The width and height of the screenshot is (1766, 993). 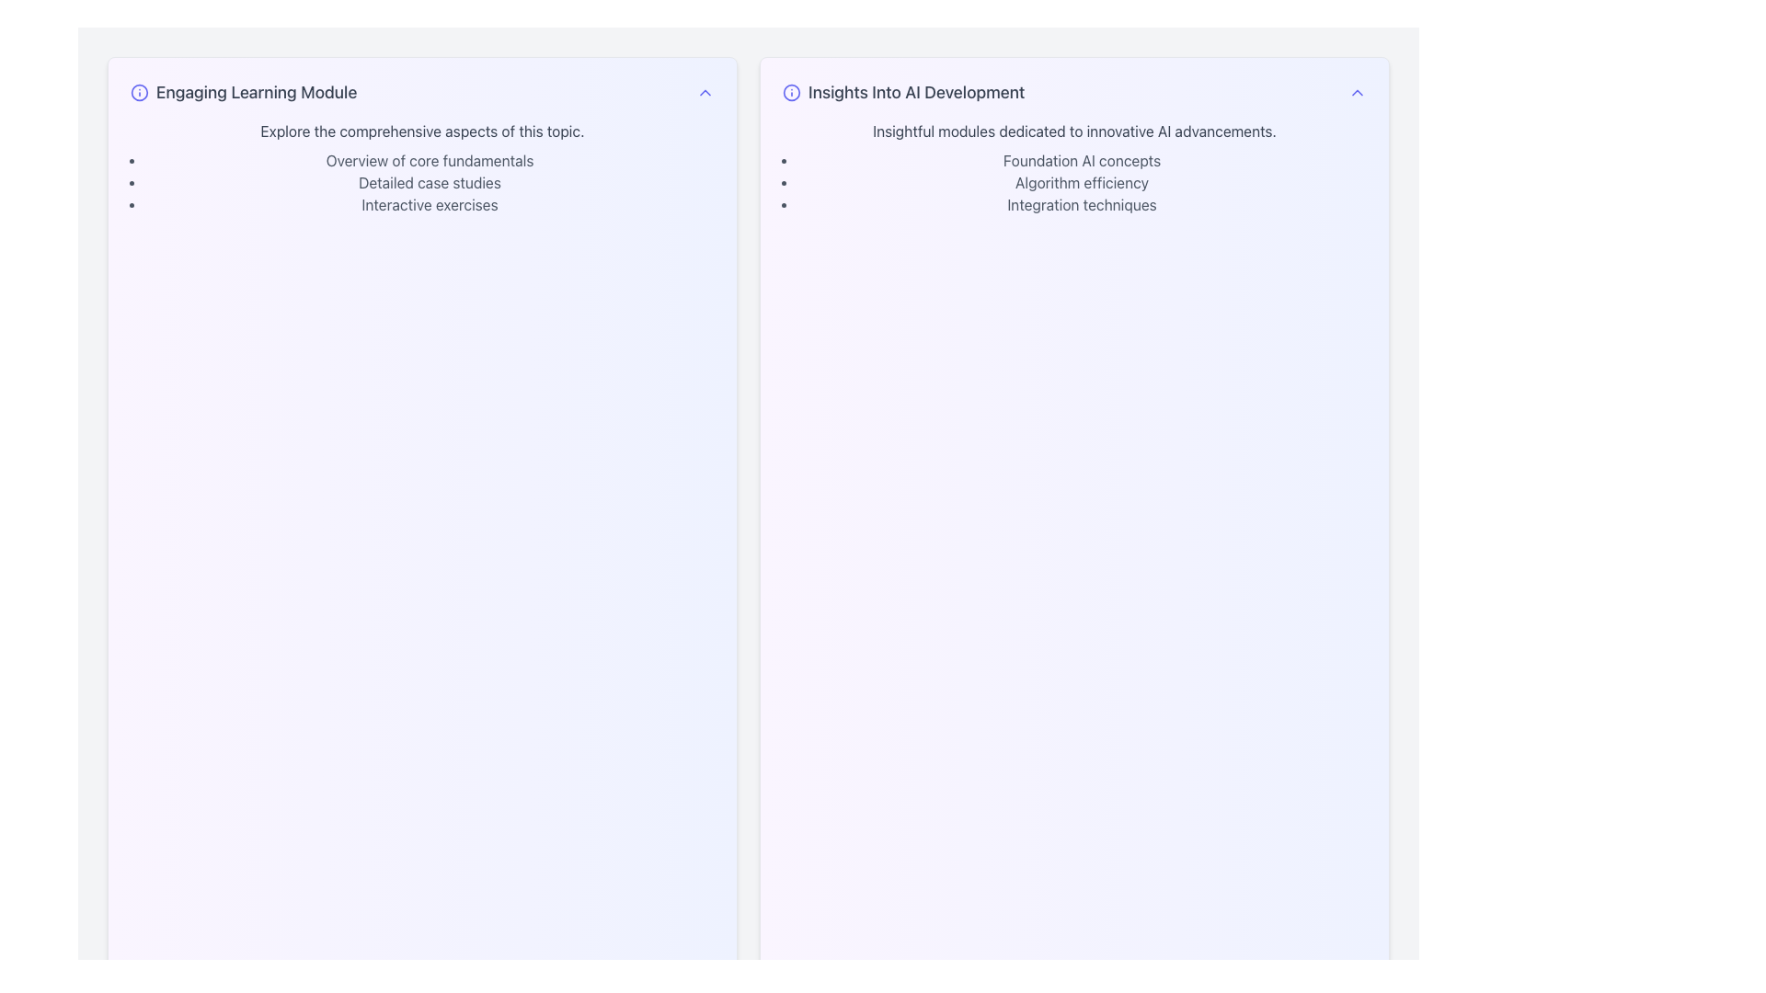 I want to click on text label 'Detailed case studies' which is the second item in the bulleted list under the 'Engaging Learning Module' section, so click(x=429, y=183).